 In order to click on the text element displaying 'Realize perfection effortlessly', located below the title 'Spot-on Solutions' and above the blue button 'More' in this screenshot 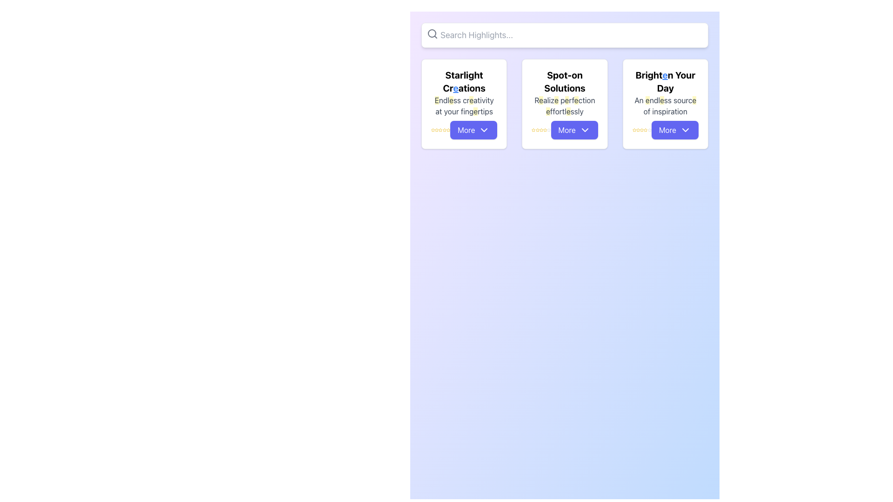, I will do `click(564, 105)`.